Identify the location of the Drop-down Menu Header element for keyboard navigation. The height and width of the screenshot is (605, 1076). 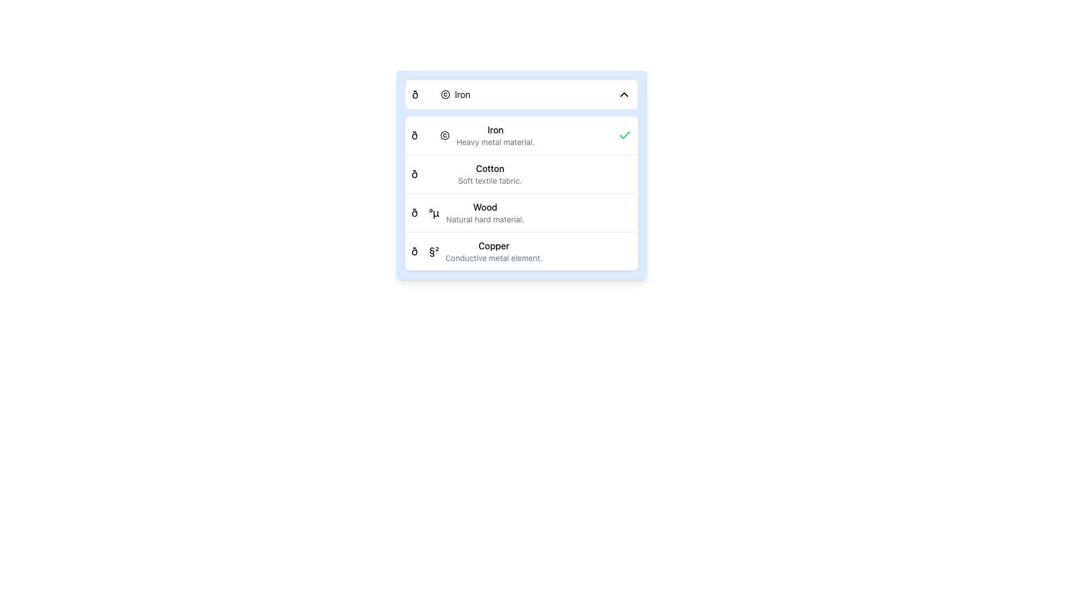
(521, 94).